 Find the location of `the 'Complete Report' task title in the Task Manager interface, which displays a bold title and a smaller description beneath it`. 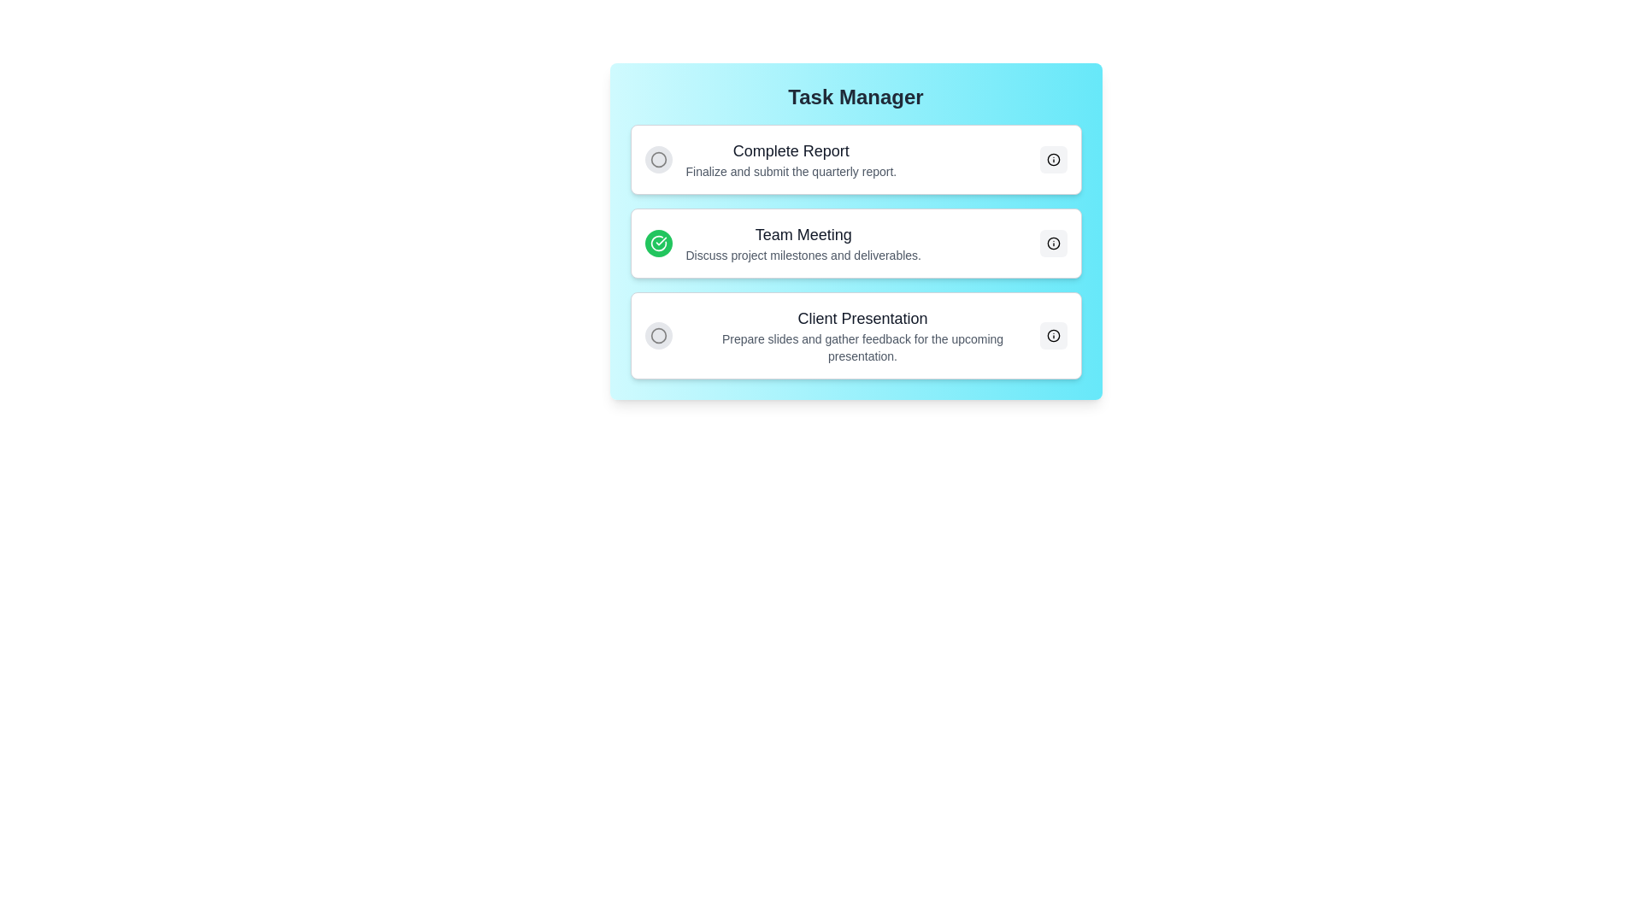

the 'Complete Report' task title in the Task Manager interface, which displays a bold title and a smaller description beneath it is located at coordinates (790, 159).